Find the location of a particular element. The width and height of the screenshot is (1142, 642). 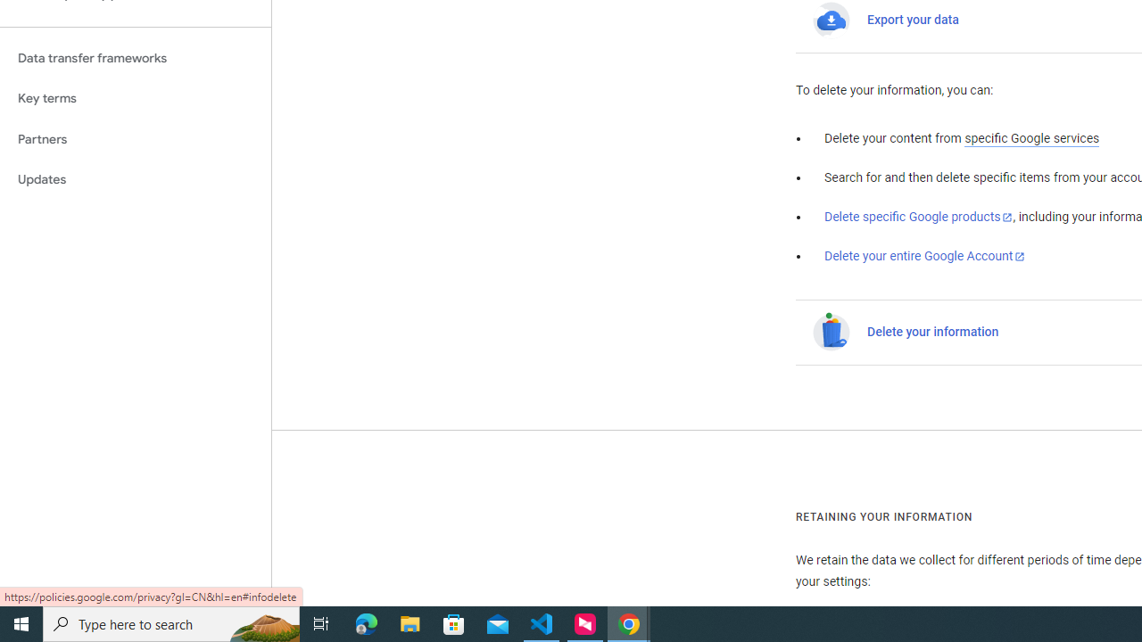

'Export your data' is located at coordinates (913, 20).